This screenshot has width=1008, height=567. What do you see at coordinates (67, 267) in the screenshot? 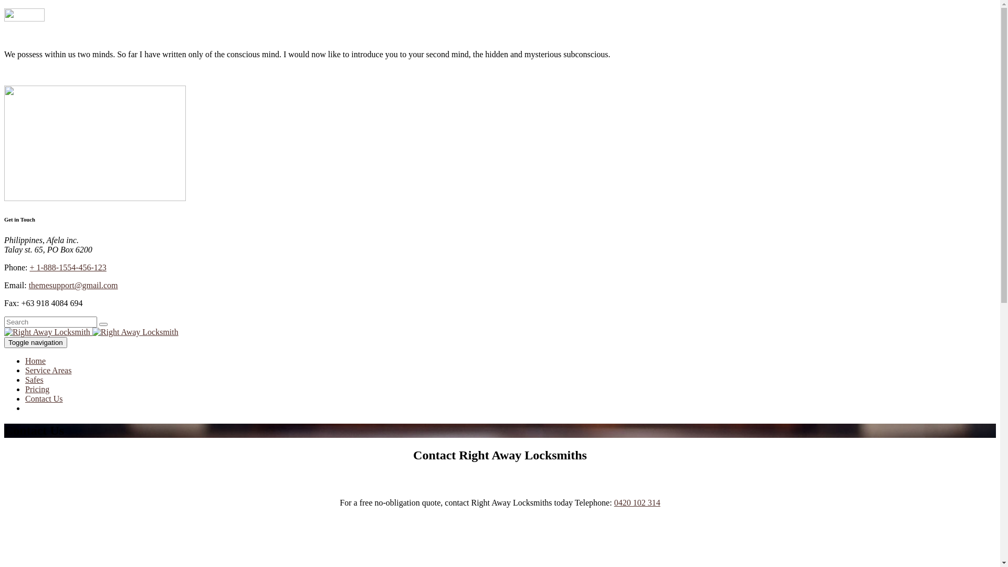
I see `'+ 1-888-1554-456-123'` at bounding box center [67, 267].